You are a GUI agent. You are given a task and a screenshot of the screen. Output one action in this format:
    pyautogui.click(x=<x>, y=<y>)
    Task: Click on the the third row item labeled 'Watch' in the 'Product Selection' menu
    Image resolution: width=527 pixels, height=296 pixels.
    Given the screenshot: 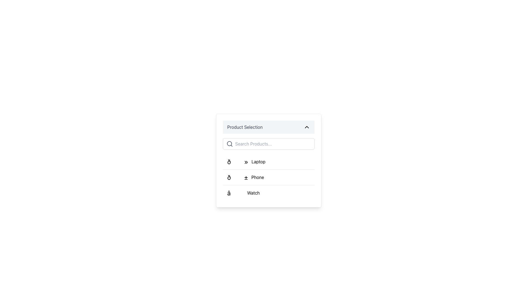 What is the action you would take?
    pyautogui.click(x=269, y=192)
    